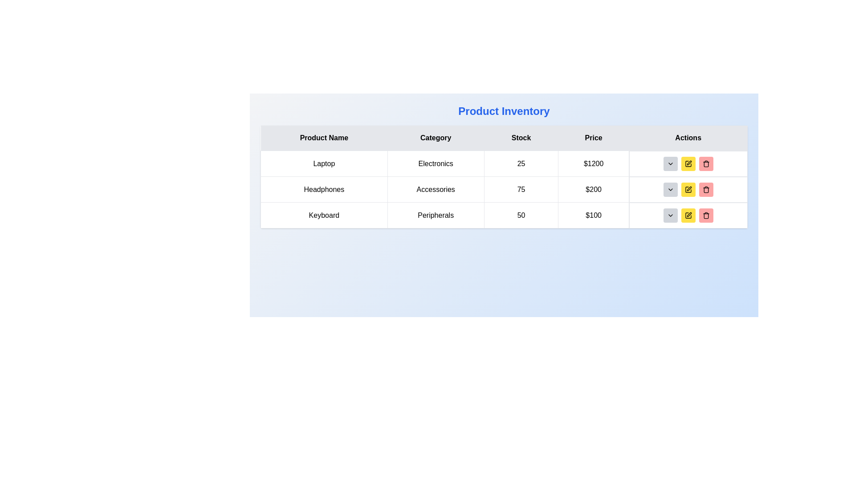 The width and height of the screenshot is (855, 481). Describe the element at coordinates (705, 216) in the screenshot. I see `the trash can icon in the 'Actions' column of the product table` at that location.